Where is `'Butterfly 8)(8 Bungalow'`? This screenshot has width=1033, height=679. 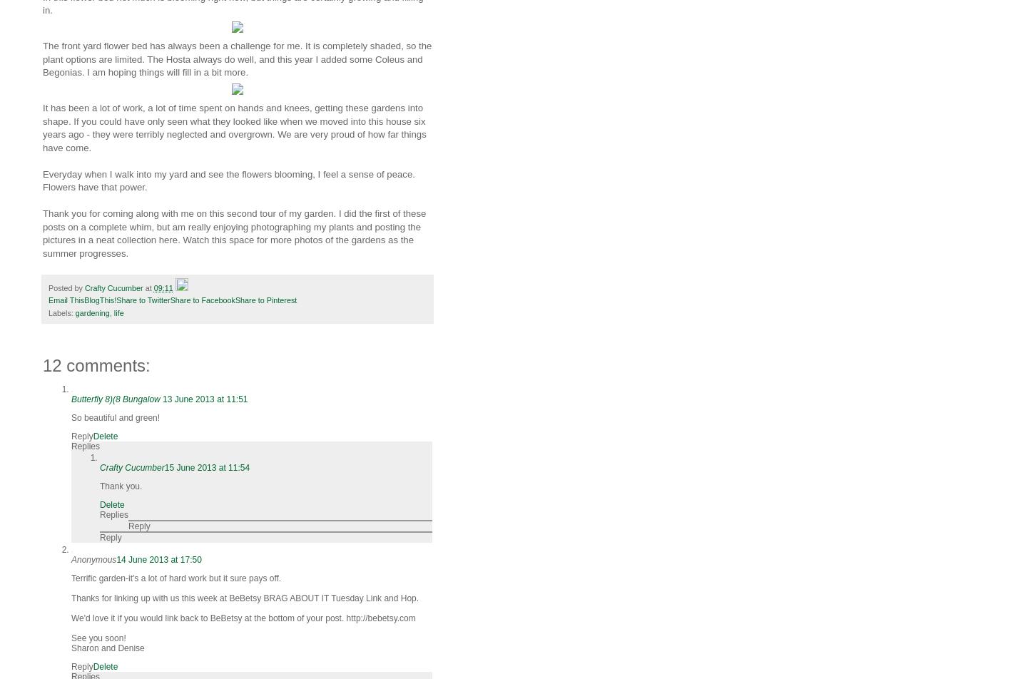
'Butterfly 8)(8 Bungalow' is located at coordinates (116, 399).